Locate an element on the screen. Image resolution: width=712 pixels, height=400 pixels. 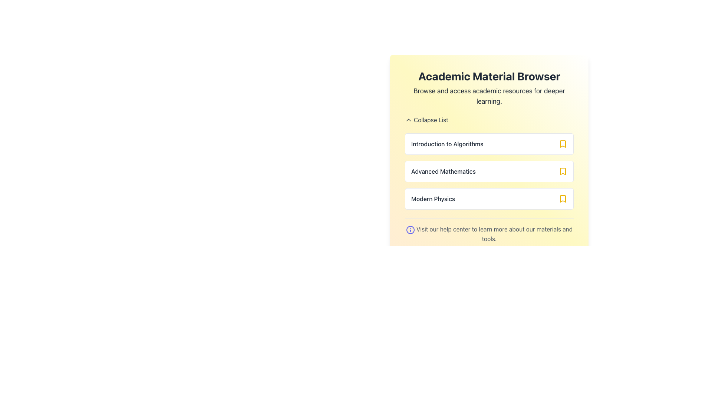
the informational text block containing the message 'Visit our help center to learn more about our materials and tools.' with a circular blue icon to the left is located at coordinates (489, 230).